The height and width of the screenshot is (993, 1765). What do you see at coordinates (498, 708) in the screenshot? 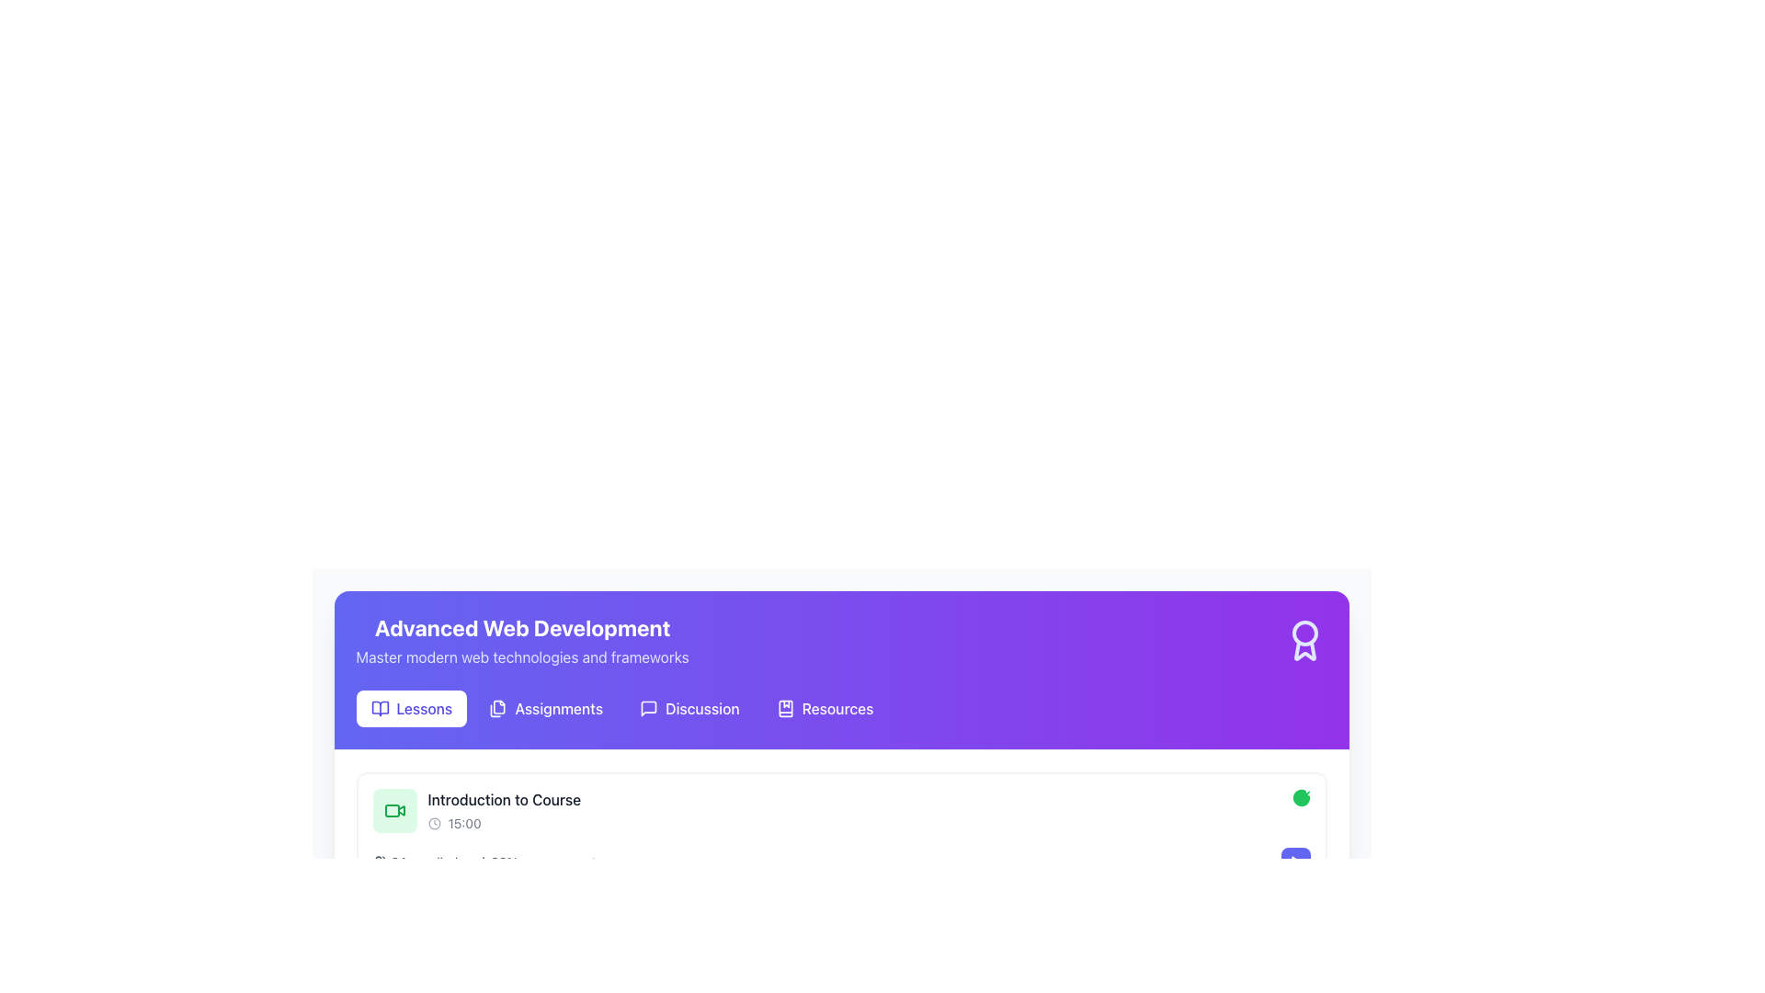
I see `the small, square-shaped icon representing two overlapping document pages, located to the left of the 'Assignments' label in the navigation bar` at bounding box center [498, 708].